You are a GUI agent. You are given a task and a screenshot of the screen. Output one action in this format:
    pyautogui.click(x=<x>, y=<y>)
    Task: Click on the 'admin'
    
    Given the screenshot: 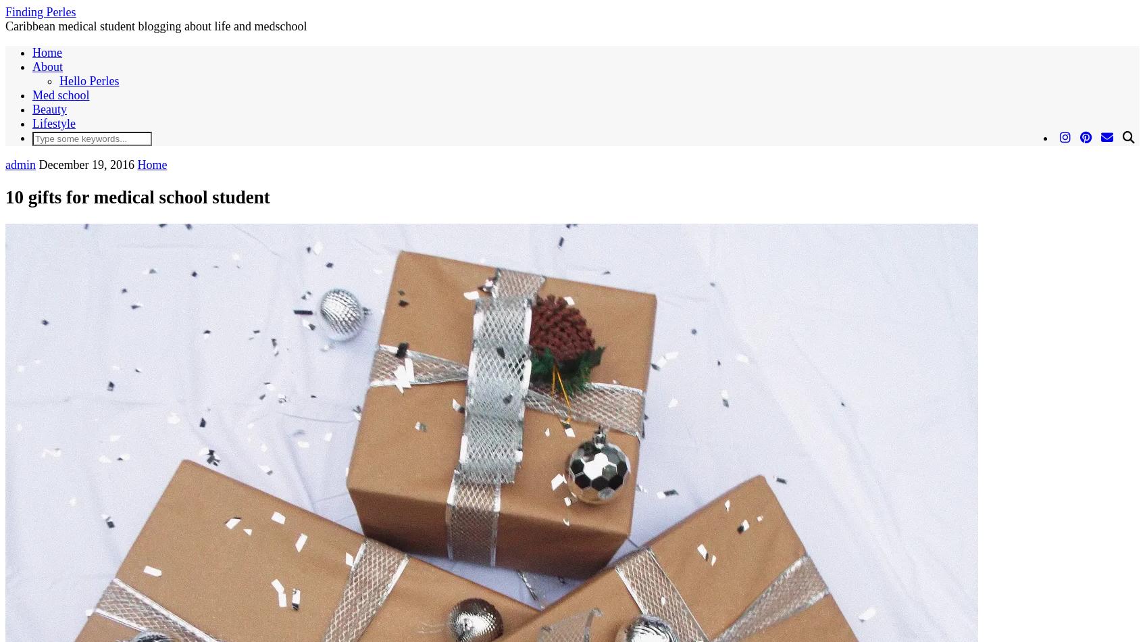 What is the action you would take?
    pyautogui.click(x=20, y=164)
    